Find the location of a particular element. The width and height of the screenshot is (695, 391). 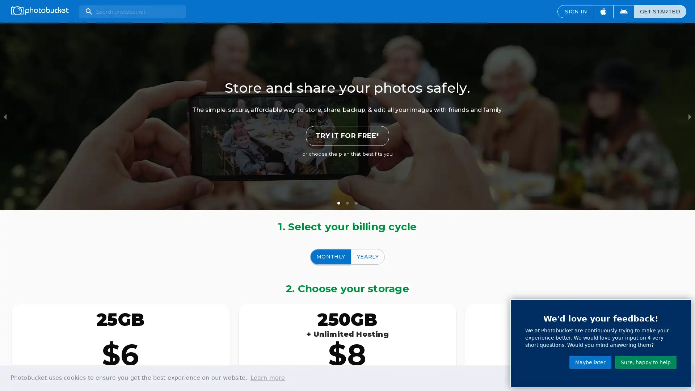

Sure, happy to help is located at coordinates (646, 362).